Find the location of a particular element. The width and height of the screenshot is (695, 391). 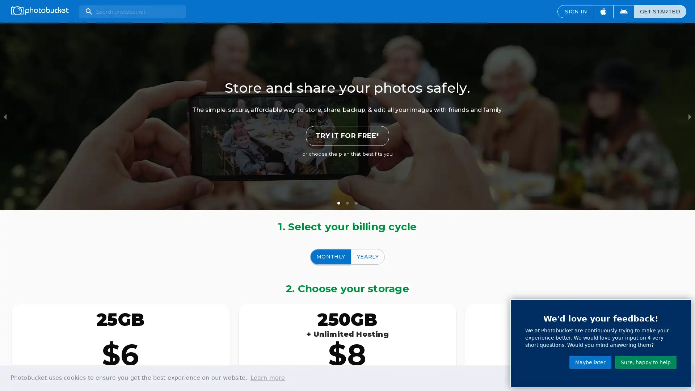

Sure, happy to help is located at coordinates (646, 362).